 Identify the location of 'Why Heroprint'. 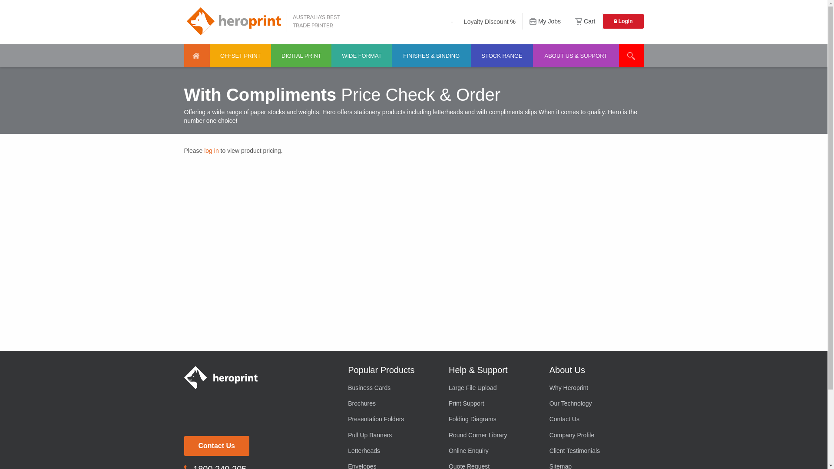
(593, 386).